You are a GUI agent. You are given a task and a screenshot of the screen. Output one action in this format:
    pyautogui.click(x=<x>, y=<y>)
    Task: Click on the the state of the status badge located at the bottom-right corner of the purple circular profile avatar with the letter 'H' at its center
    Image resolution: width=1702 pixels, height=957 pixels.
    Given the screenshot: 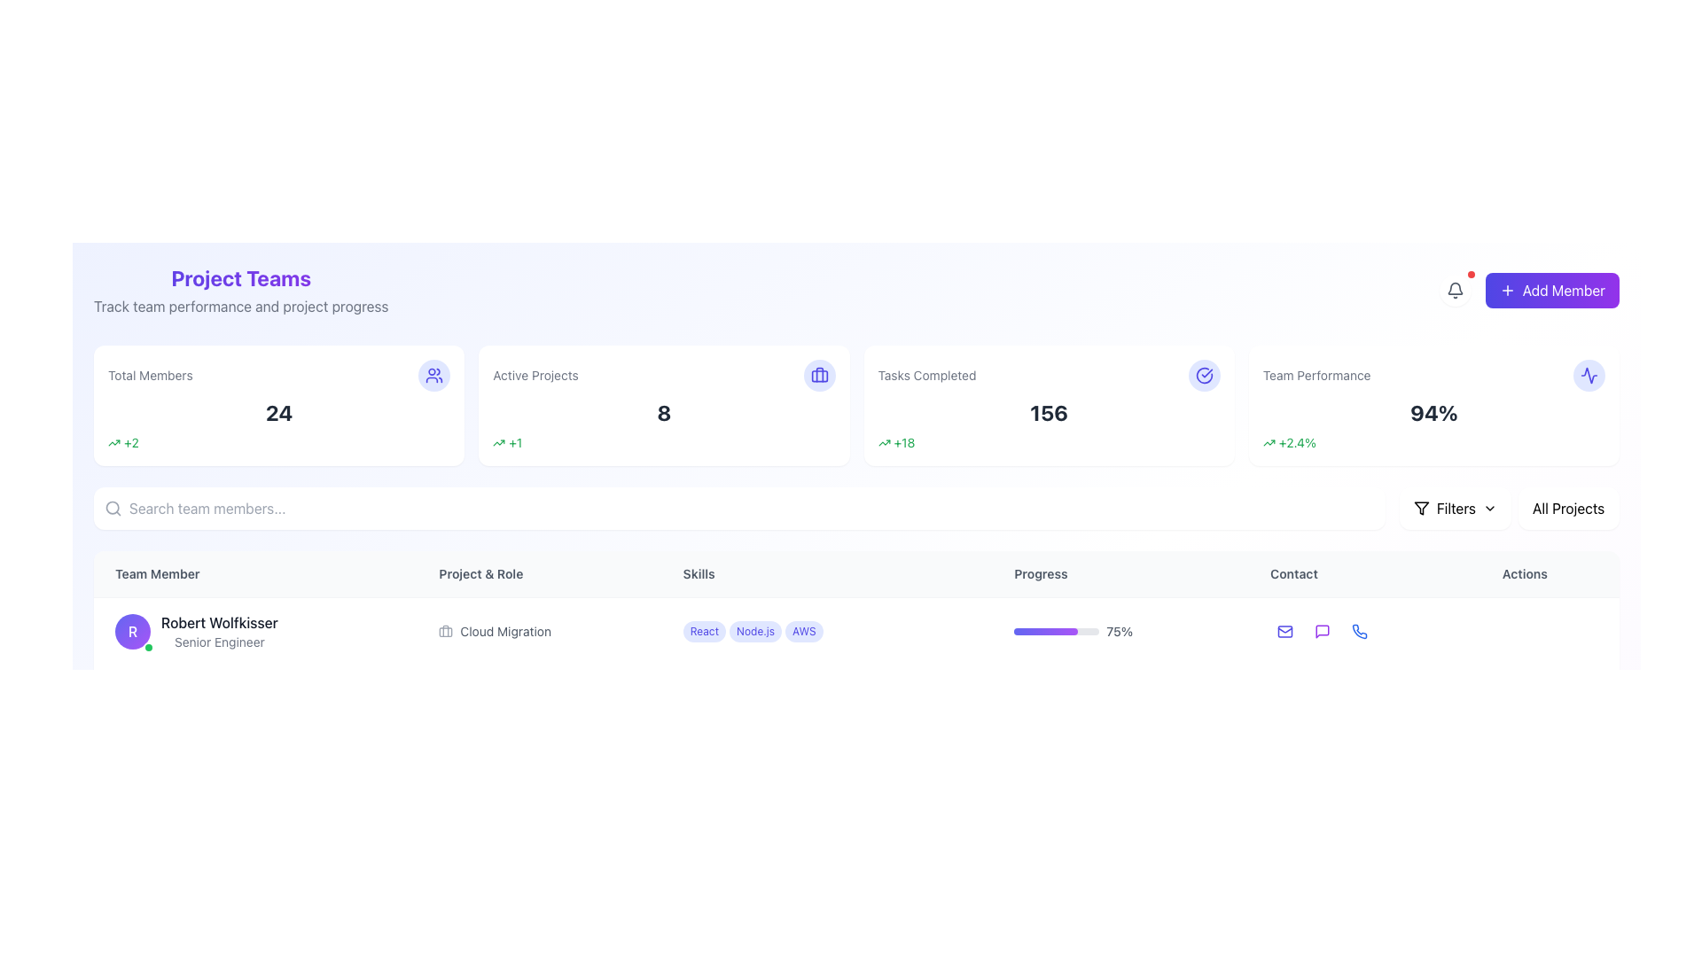 What is the action you would take?
    pyautogui.click(x=149, y=782)
    